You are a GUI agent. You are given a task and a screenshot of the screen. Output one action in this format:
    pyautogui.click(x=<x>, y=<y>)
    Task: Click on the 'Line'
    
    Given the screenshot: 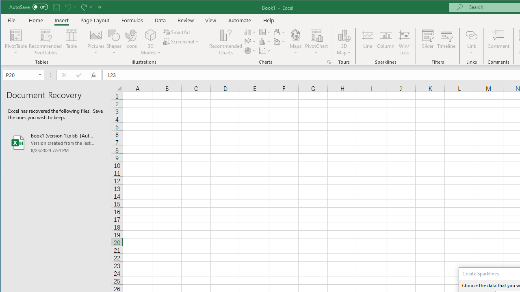 What is the action you would take?
    pyautogui.click(x=367, y=42)
    